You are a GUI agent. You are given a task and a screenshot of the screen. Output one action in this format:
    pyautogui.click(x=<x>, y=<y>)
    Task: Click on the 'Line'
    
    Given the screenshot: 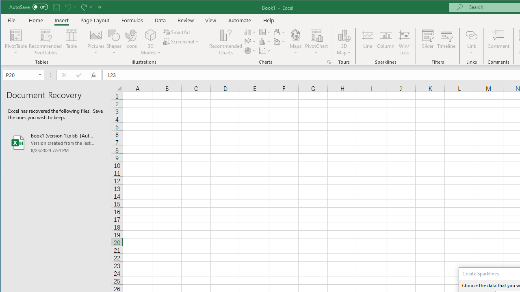 What is the action you would take?
    pyautogui.click(x=367, y=42)
    